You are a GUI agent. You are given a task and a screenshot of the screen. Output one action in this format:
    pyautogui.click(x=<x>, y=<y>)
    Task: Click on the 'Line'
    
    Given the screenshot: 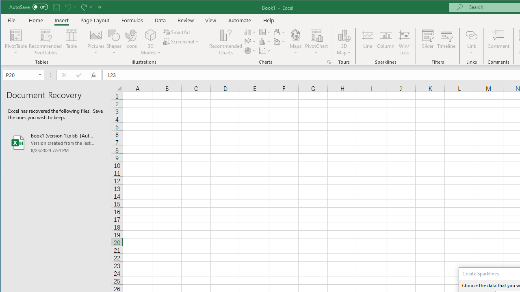 What is the action you would take?
    pyautogui.click(x=367, y=42)
    